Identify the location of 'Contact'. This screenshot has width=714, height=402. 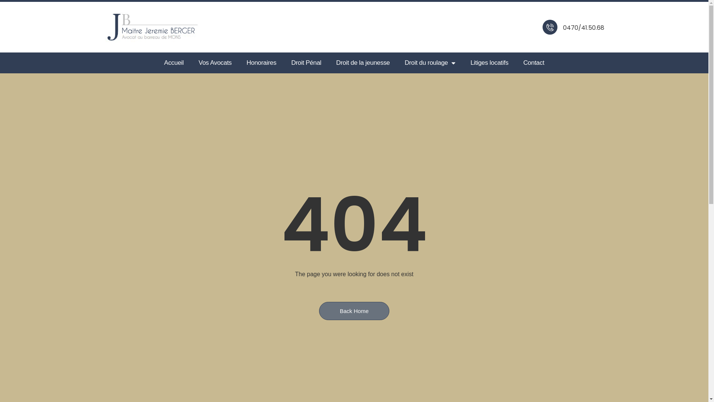
(515, 63).